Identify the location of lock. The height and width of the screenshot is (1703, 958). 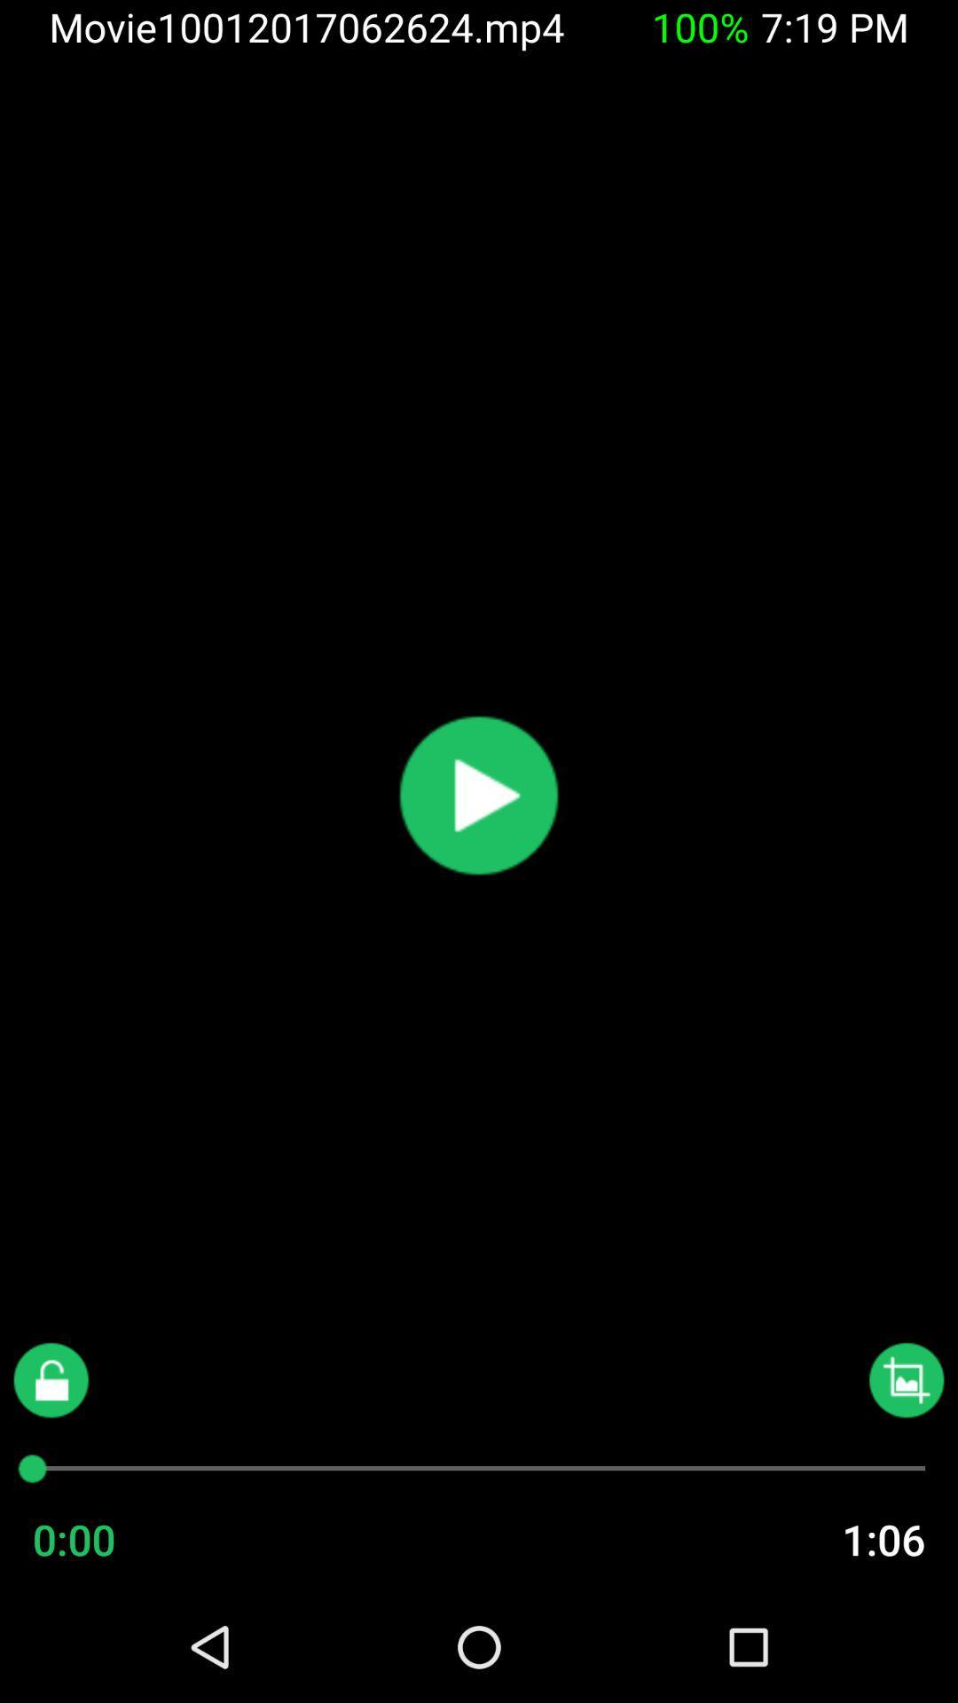
(50, 1379).